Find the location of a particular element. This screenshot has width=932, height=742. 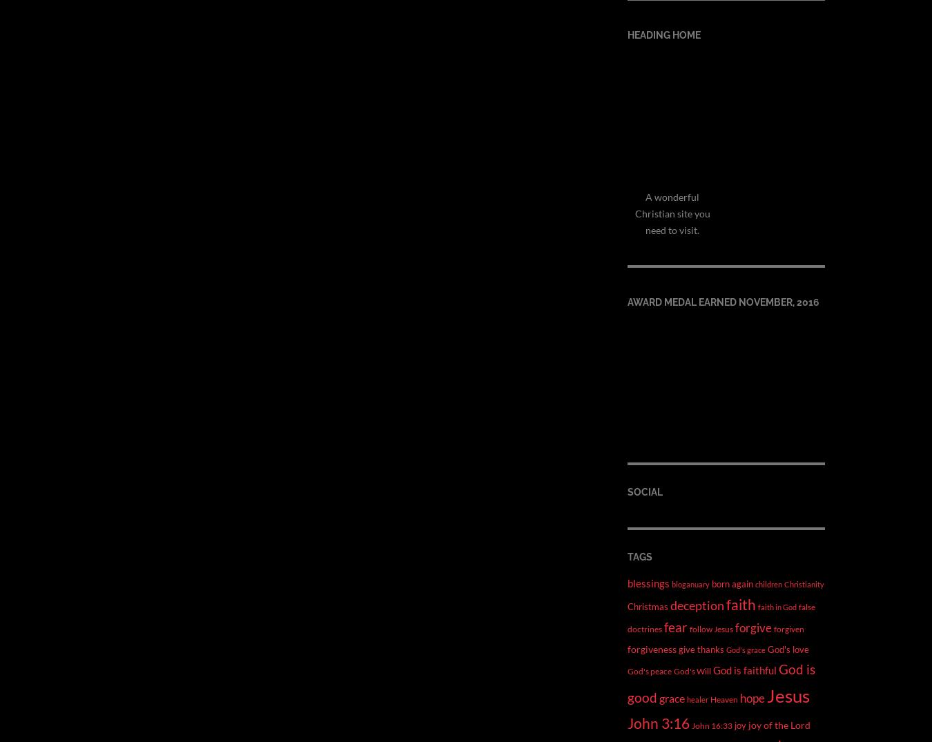

'joy' is located at coordinates (740, 724).